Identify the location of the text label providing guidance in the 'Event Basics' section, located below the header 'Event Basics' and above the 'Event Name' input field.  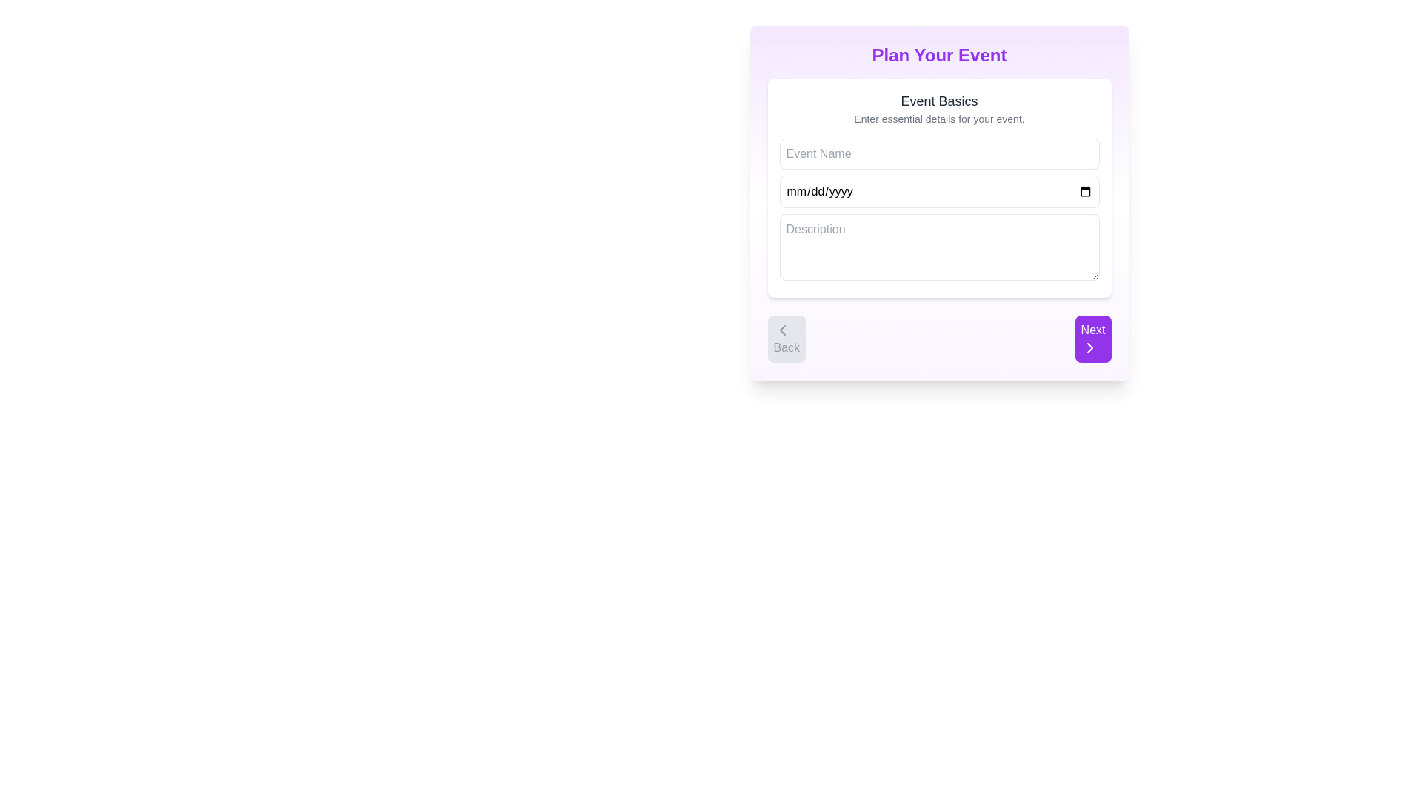
(938, 119).